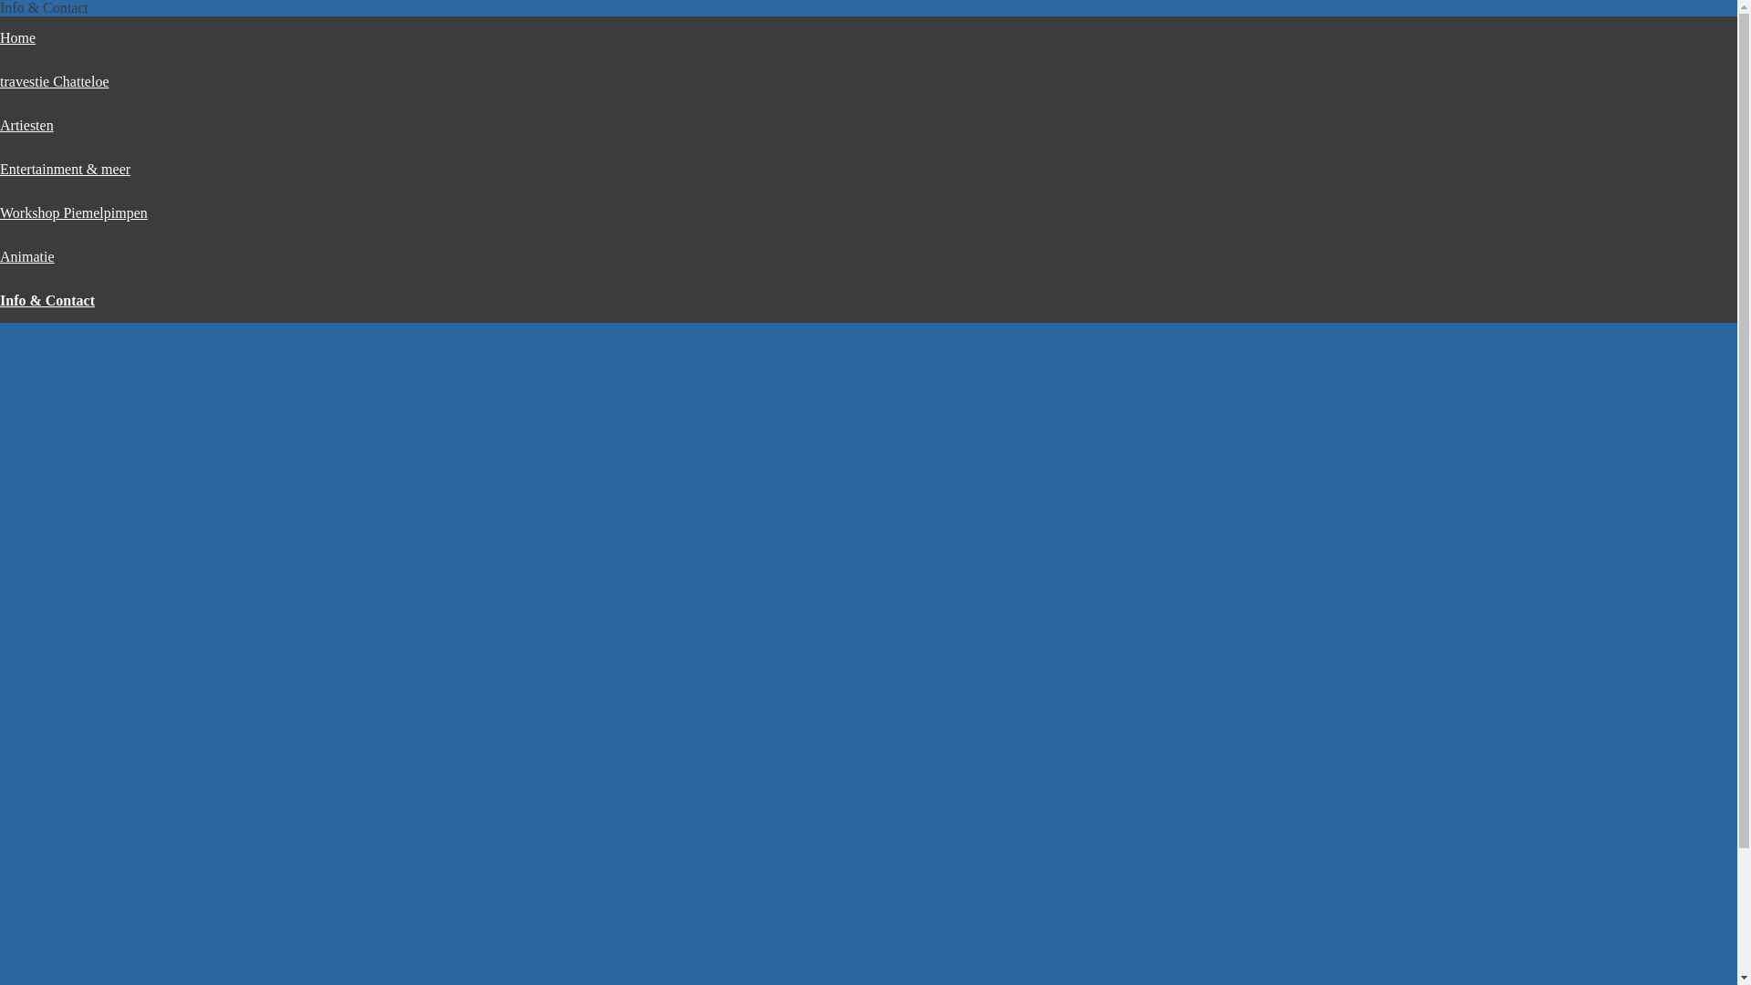 The width and height of the screenshot is (1751, 985). Describe the element at coordinates (73, 212) in the screenshot. I see `'Workshop Piemelpimpen'` at that location.